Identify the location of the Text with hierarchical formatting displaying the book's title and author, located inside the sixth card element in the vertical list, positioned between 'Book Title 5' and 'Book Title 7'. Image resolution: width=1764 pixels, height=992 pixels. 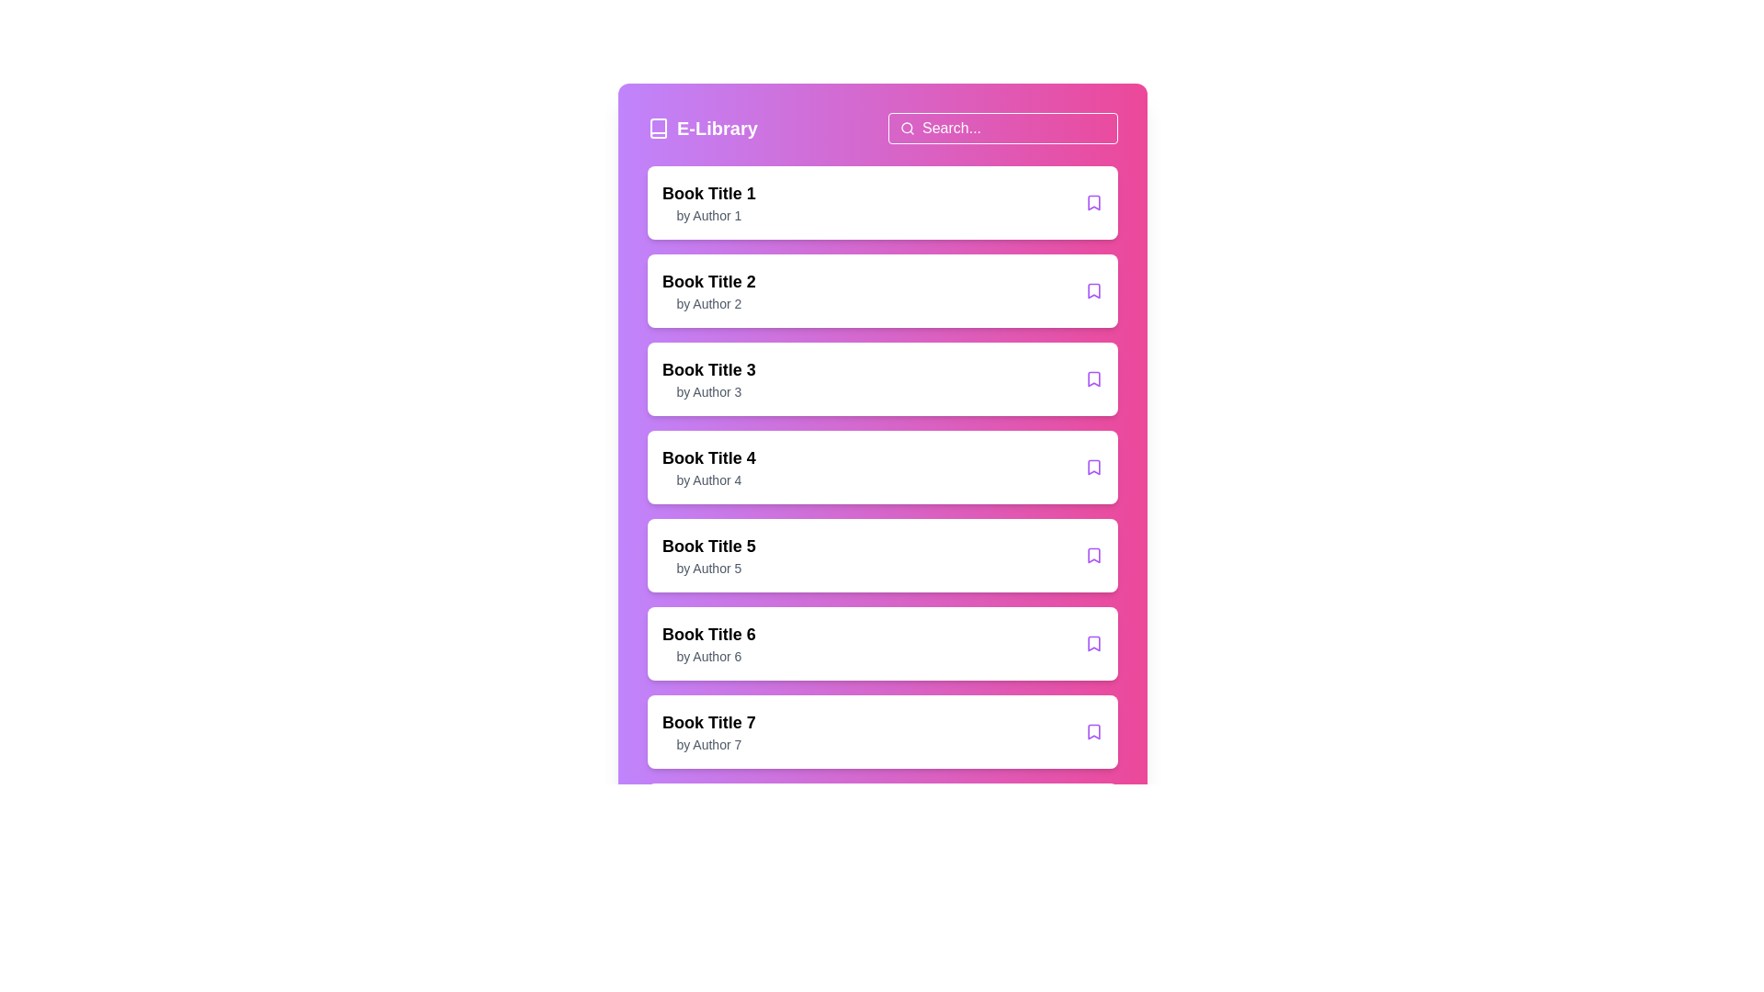
(707, 643).